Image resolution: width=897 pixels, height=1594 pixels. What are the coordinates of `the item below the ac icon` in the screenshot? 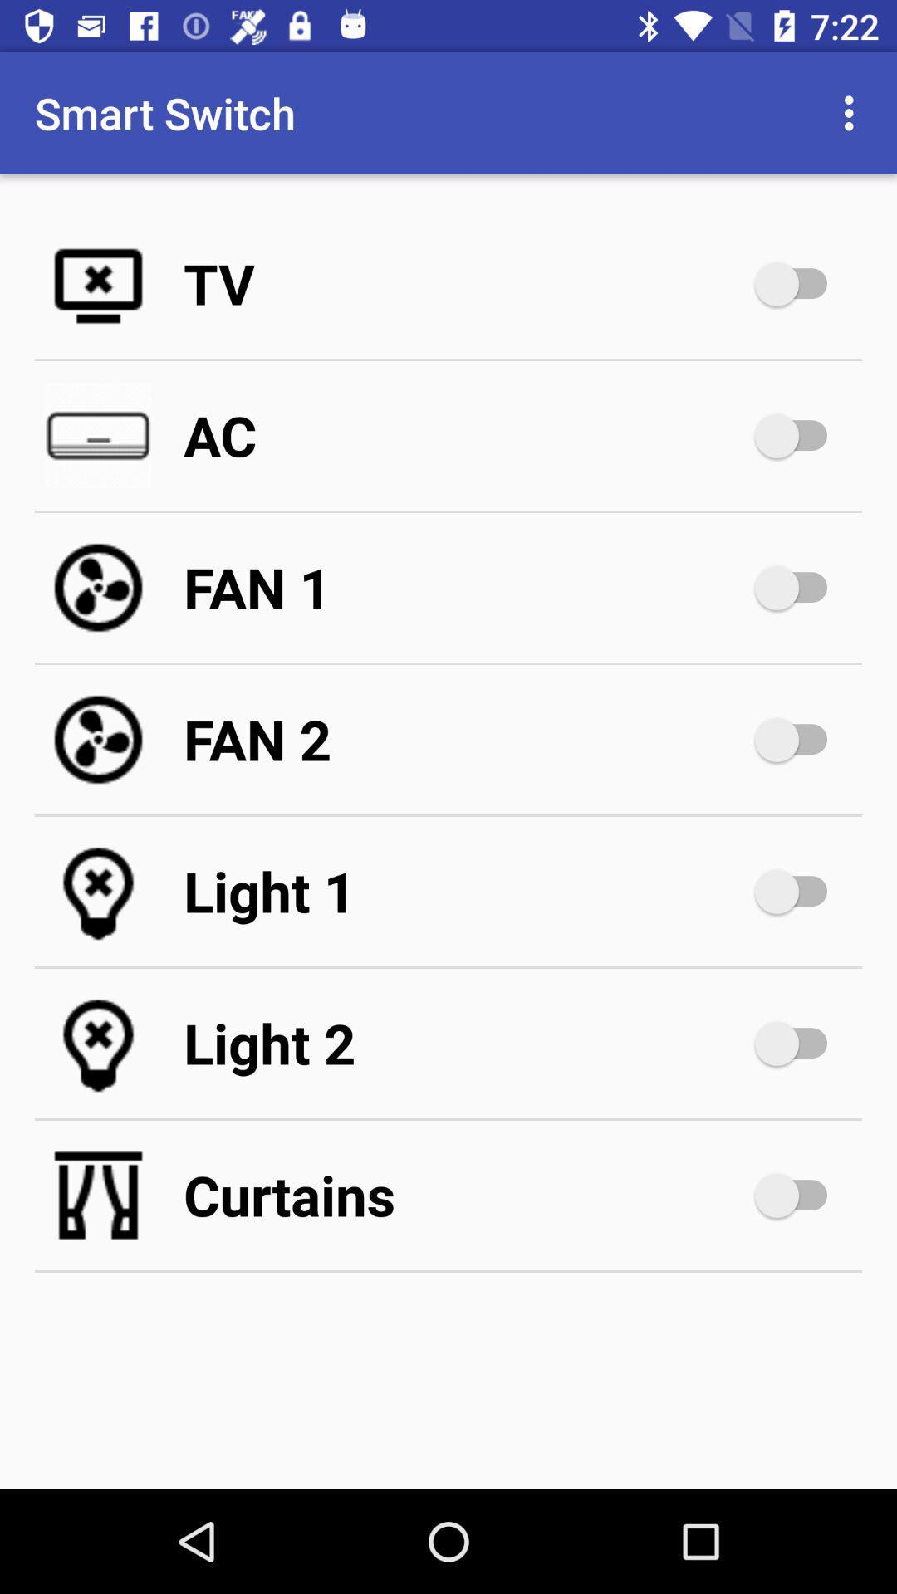 It's located at (465, 588).